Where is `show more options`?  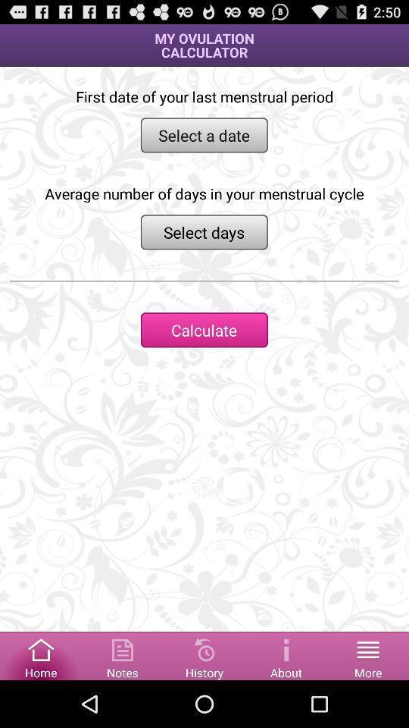
show more options is located at coordinates (367, 654).